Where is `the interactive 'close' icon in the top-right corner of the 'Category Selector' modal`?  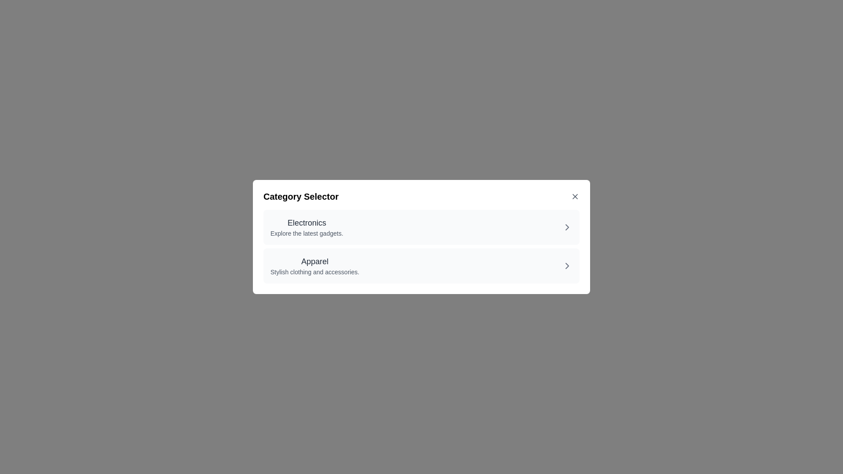 the interactive 'close' icon in the top-right corner of the 'Category Selector' modal is located at coordinates (575, 196).